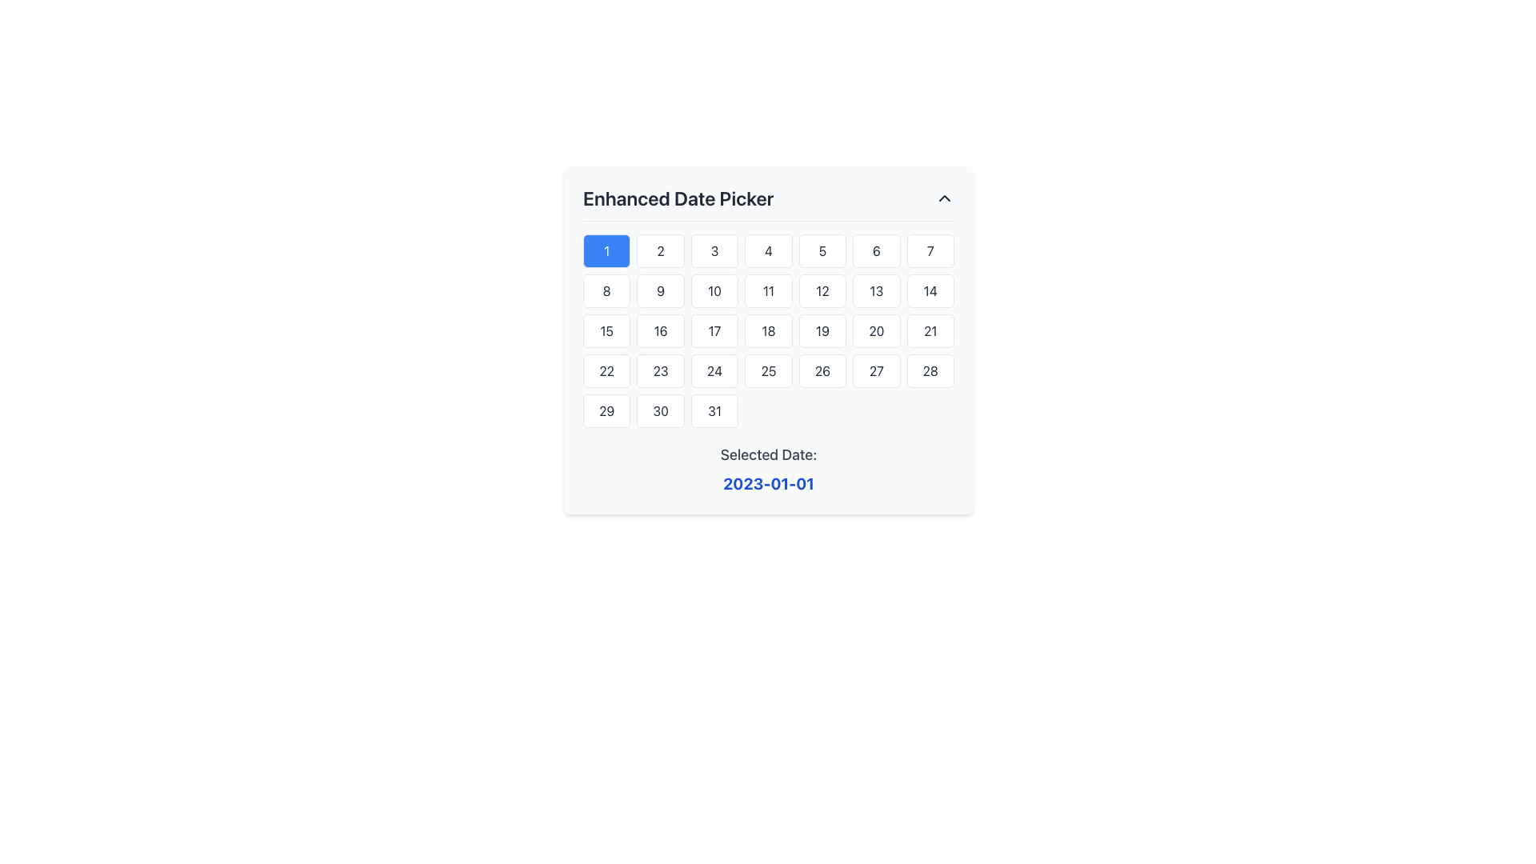  Describe the element at coordinates (768, 250) in the screenshot. I see `the fourth button in the top row of the date picker interface, which displays the number '4' on a white background` at that location.